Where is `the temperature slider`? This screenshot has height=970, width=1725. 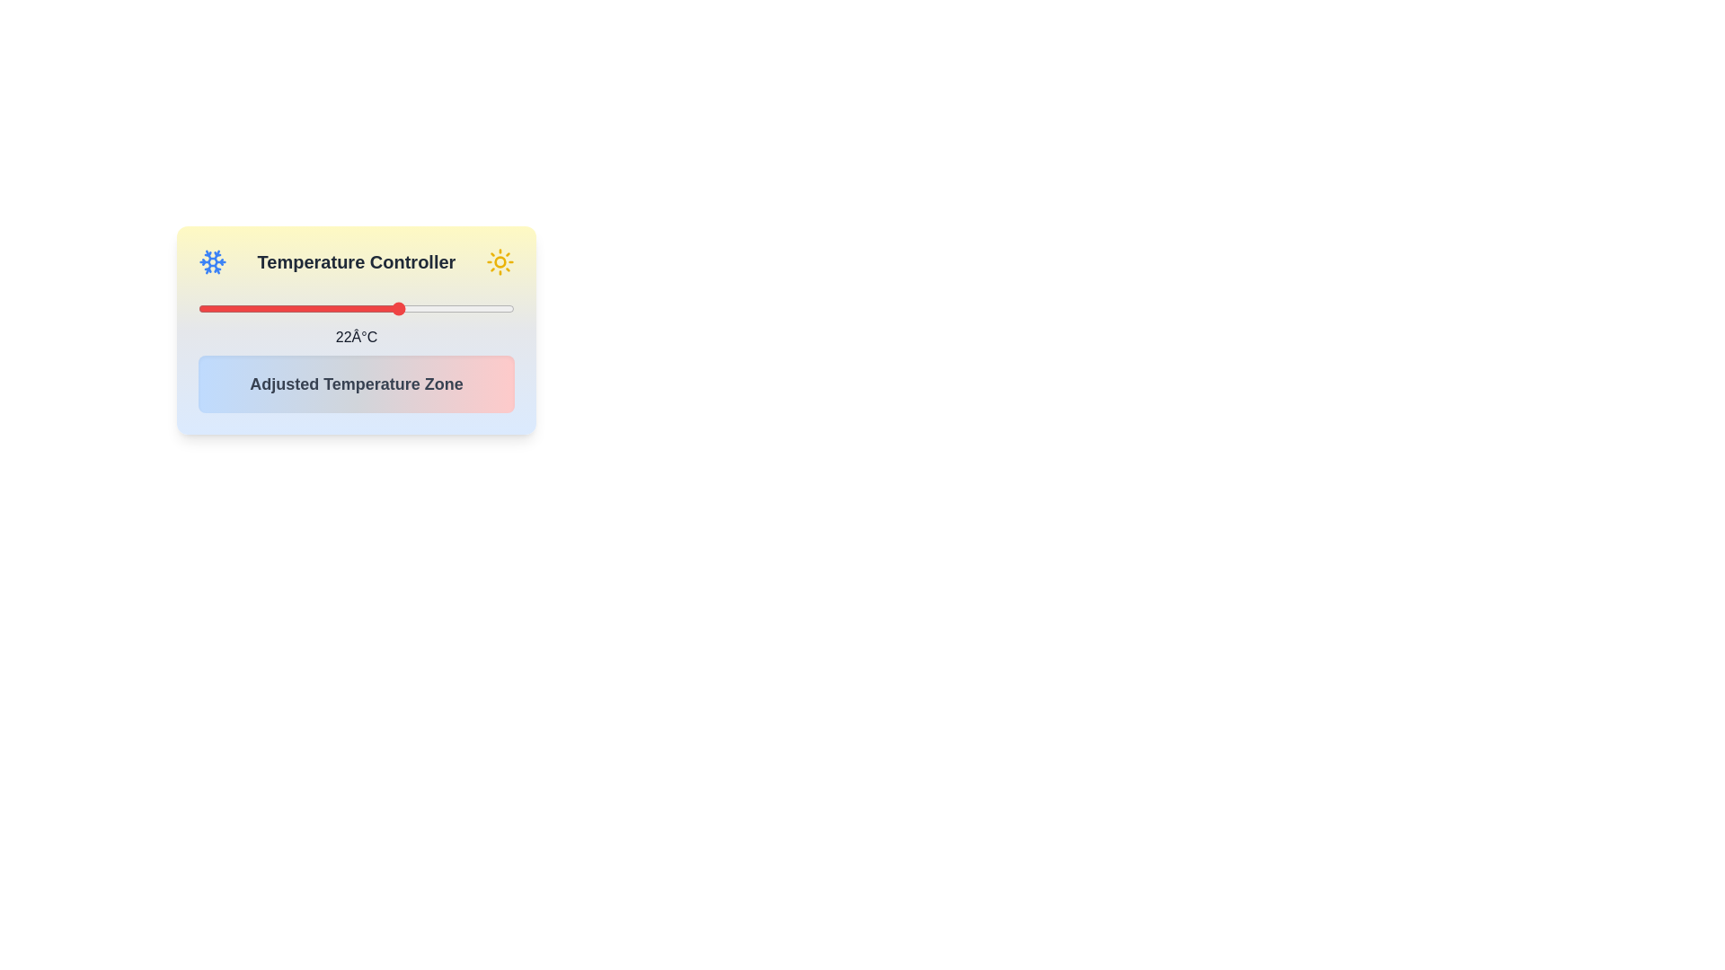
the temperature slider is located at coordinates (425, 307).